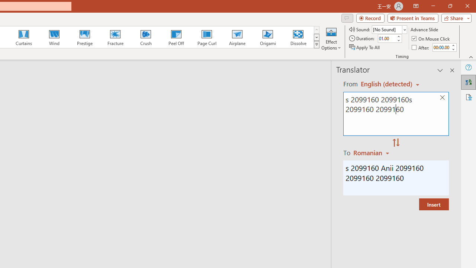  I want to click on 'Curtains', so click(24, 37).